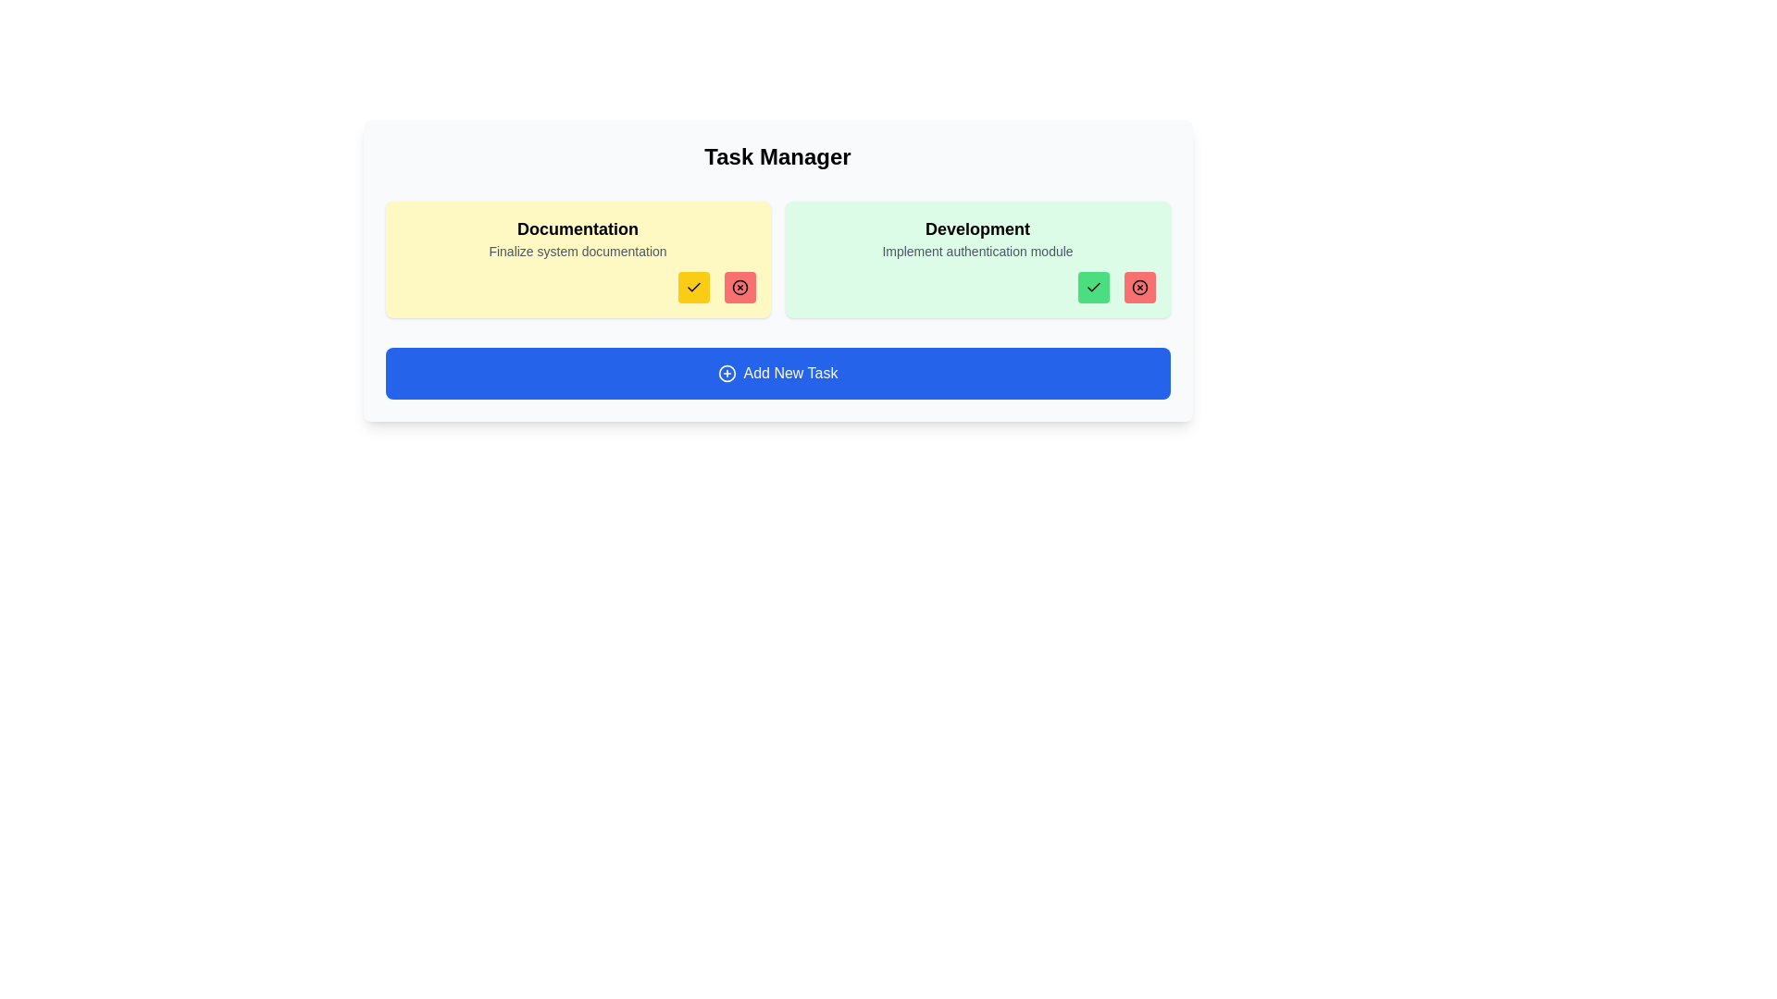 The image size is (1777, 999). What do you see at coordinates (1093, 288) in the screenshot?
I see `the checkmark icon button within the green rounded square background on the task card labeled 'Development' to mark the associated task as completed` at bounding box center [1093, 288].